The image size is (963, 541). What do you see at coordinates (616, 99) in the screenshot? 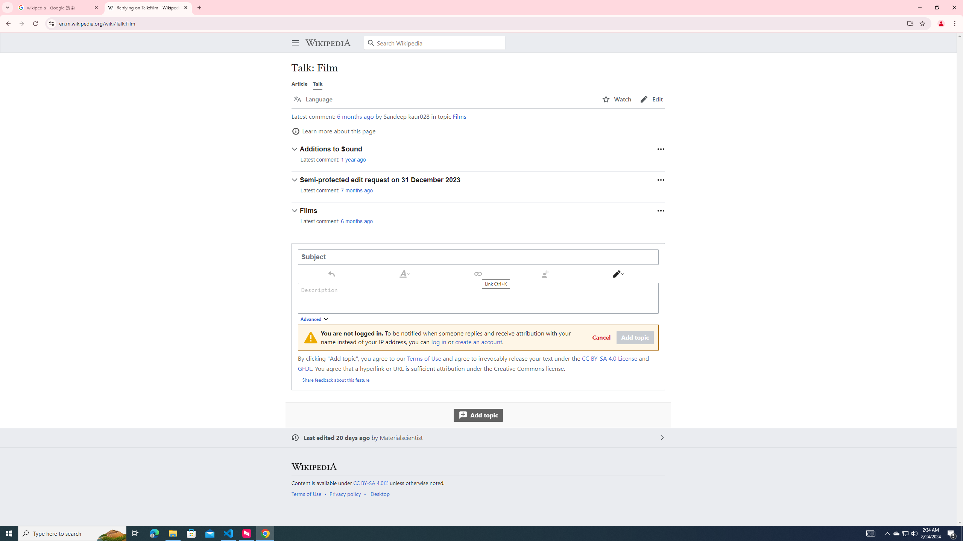
I see `'Watch'` at bounding box center [616, 99].